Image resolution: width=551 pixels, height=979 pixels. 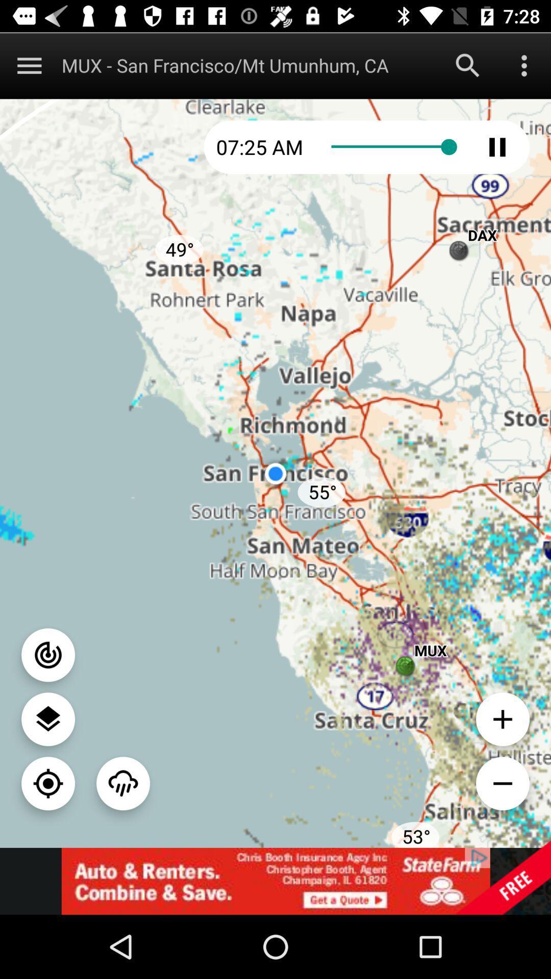 I want to click on the location_crosshair icon, so click(x=48, y=783).